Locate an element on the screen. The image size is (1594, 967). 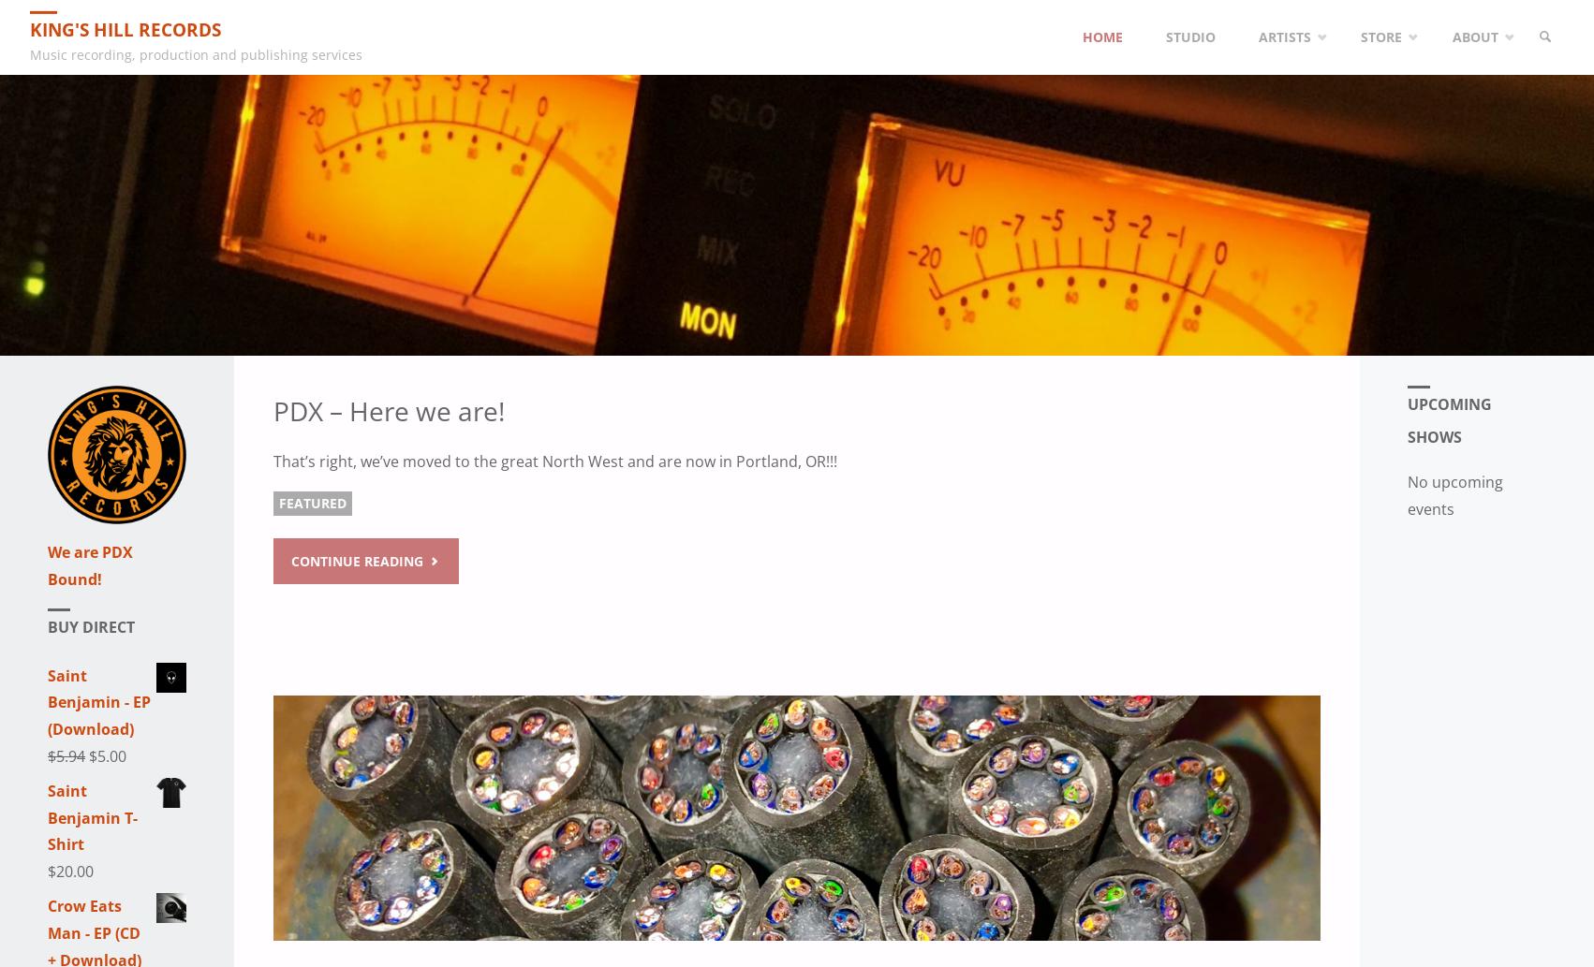
'PDX – Here we are!' is located at coordinates (389, 411).